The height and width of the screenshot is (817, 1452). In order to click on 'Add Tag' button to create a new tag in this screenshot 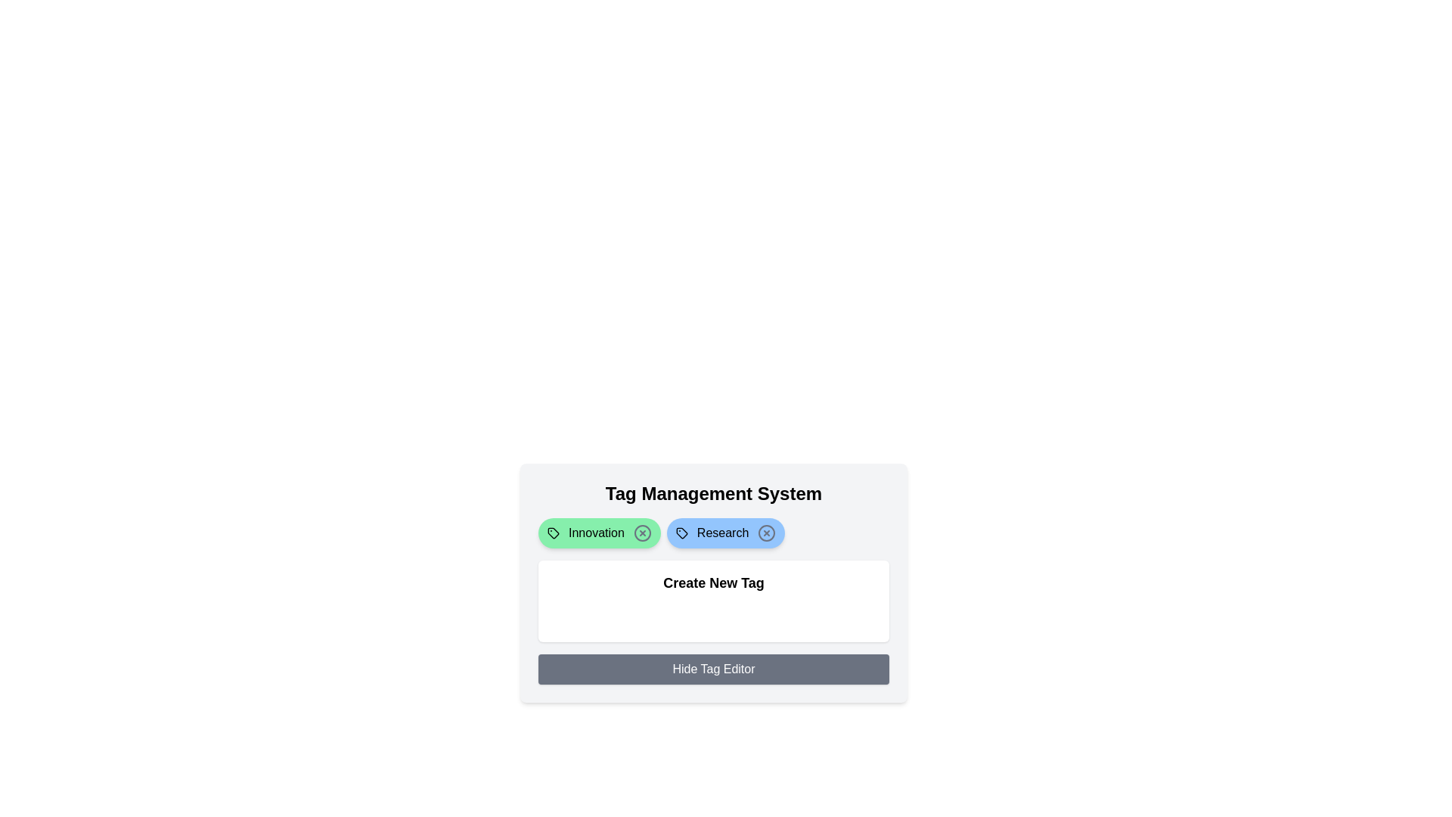, I will do `click(588, 615)`.